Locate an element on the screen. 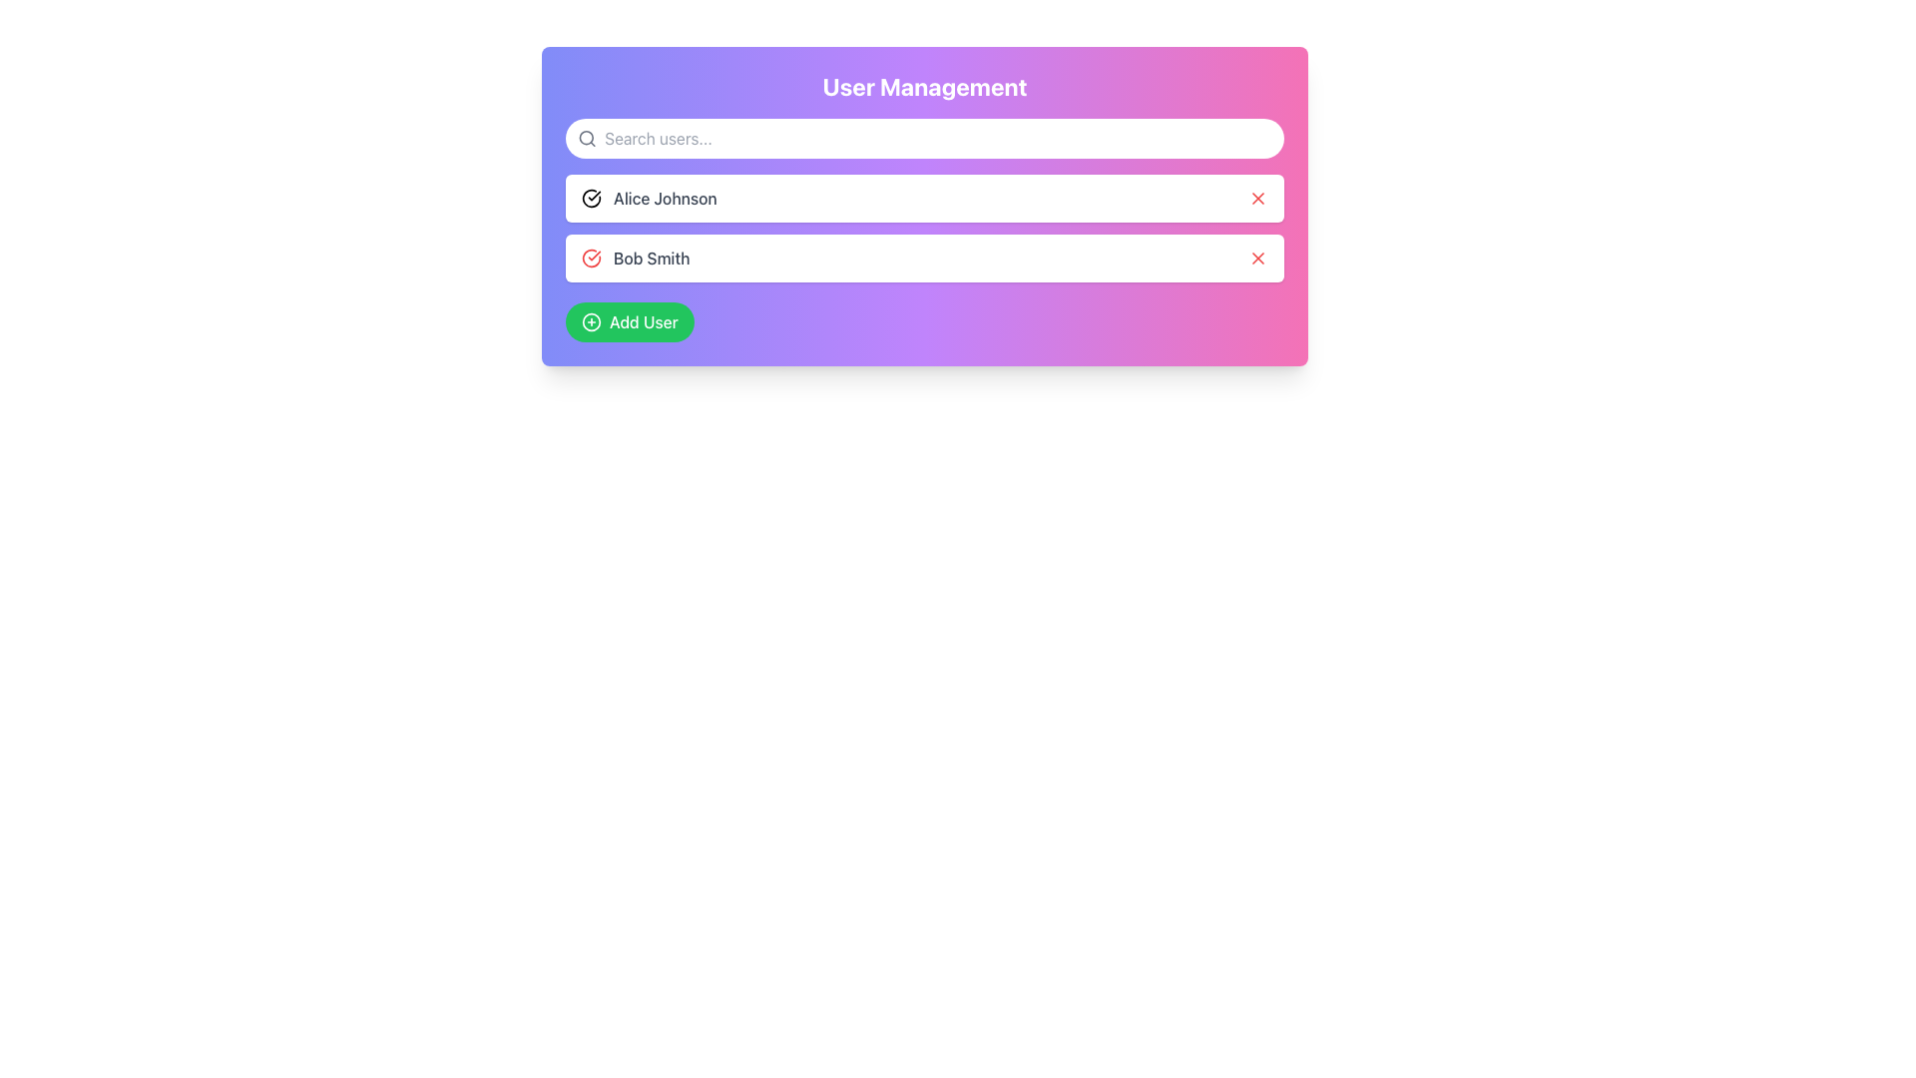 The width and height of the screenshot is (1916, 1078). the circular icon with a green outline and a check mark in the center, located to the left of 'Alice Johnson' is located at coordinates (591, 199).